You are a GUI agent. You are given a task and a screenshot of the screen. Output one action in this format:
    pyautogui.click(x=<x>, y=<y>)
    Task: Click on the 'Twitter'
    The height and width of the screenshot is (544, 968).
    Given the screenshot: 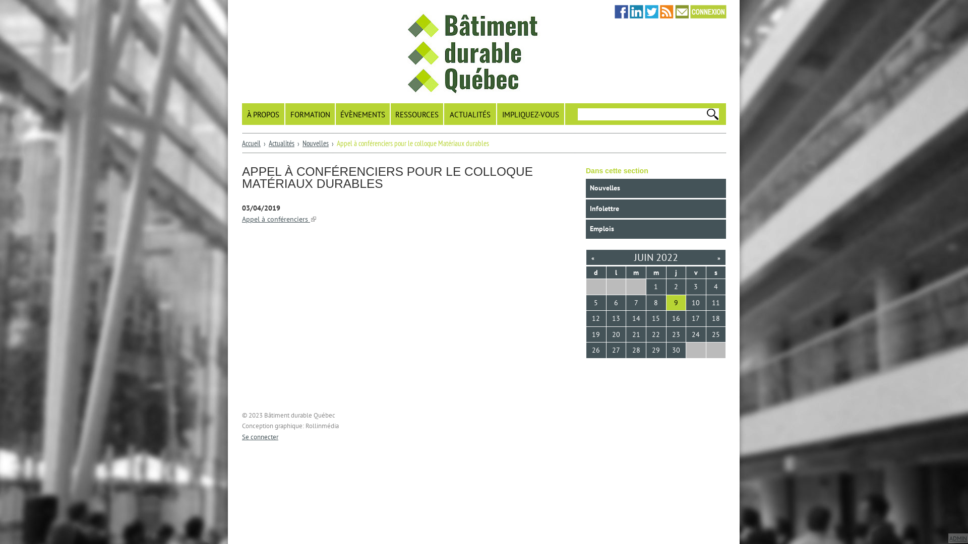 What is the action you would take?
    pyautogui.click(x=651, y=12)
    